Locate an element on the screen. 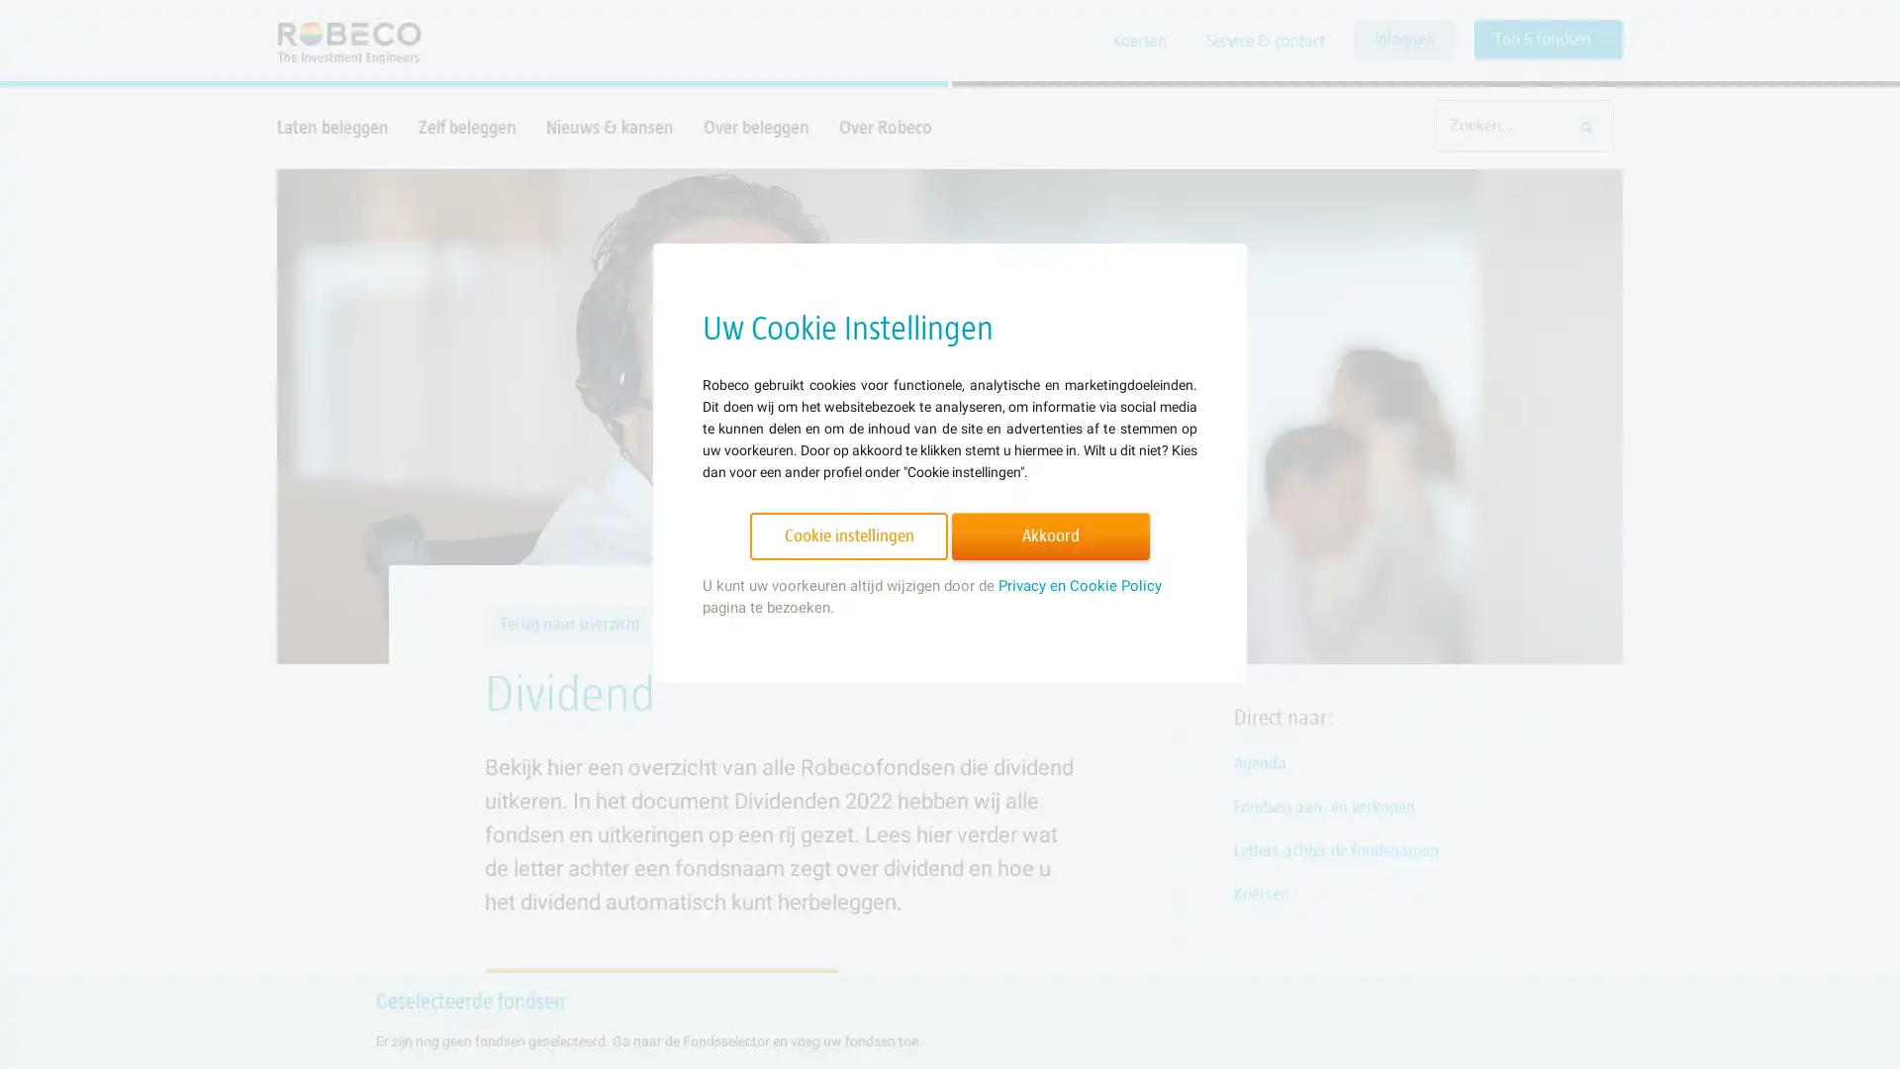 Image resolution: width=1900 pixels, height=1069 pixels. Koersen is located at coordinates (1140, 42).